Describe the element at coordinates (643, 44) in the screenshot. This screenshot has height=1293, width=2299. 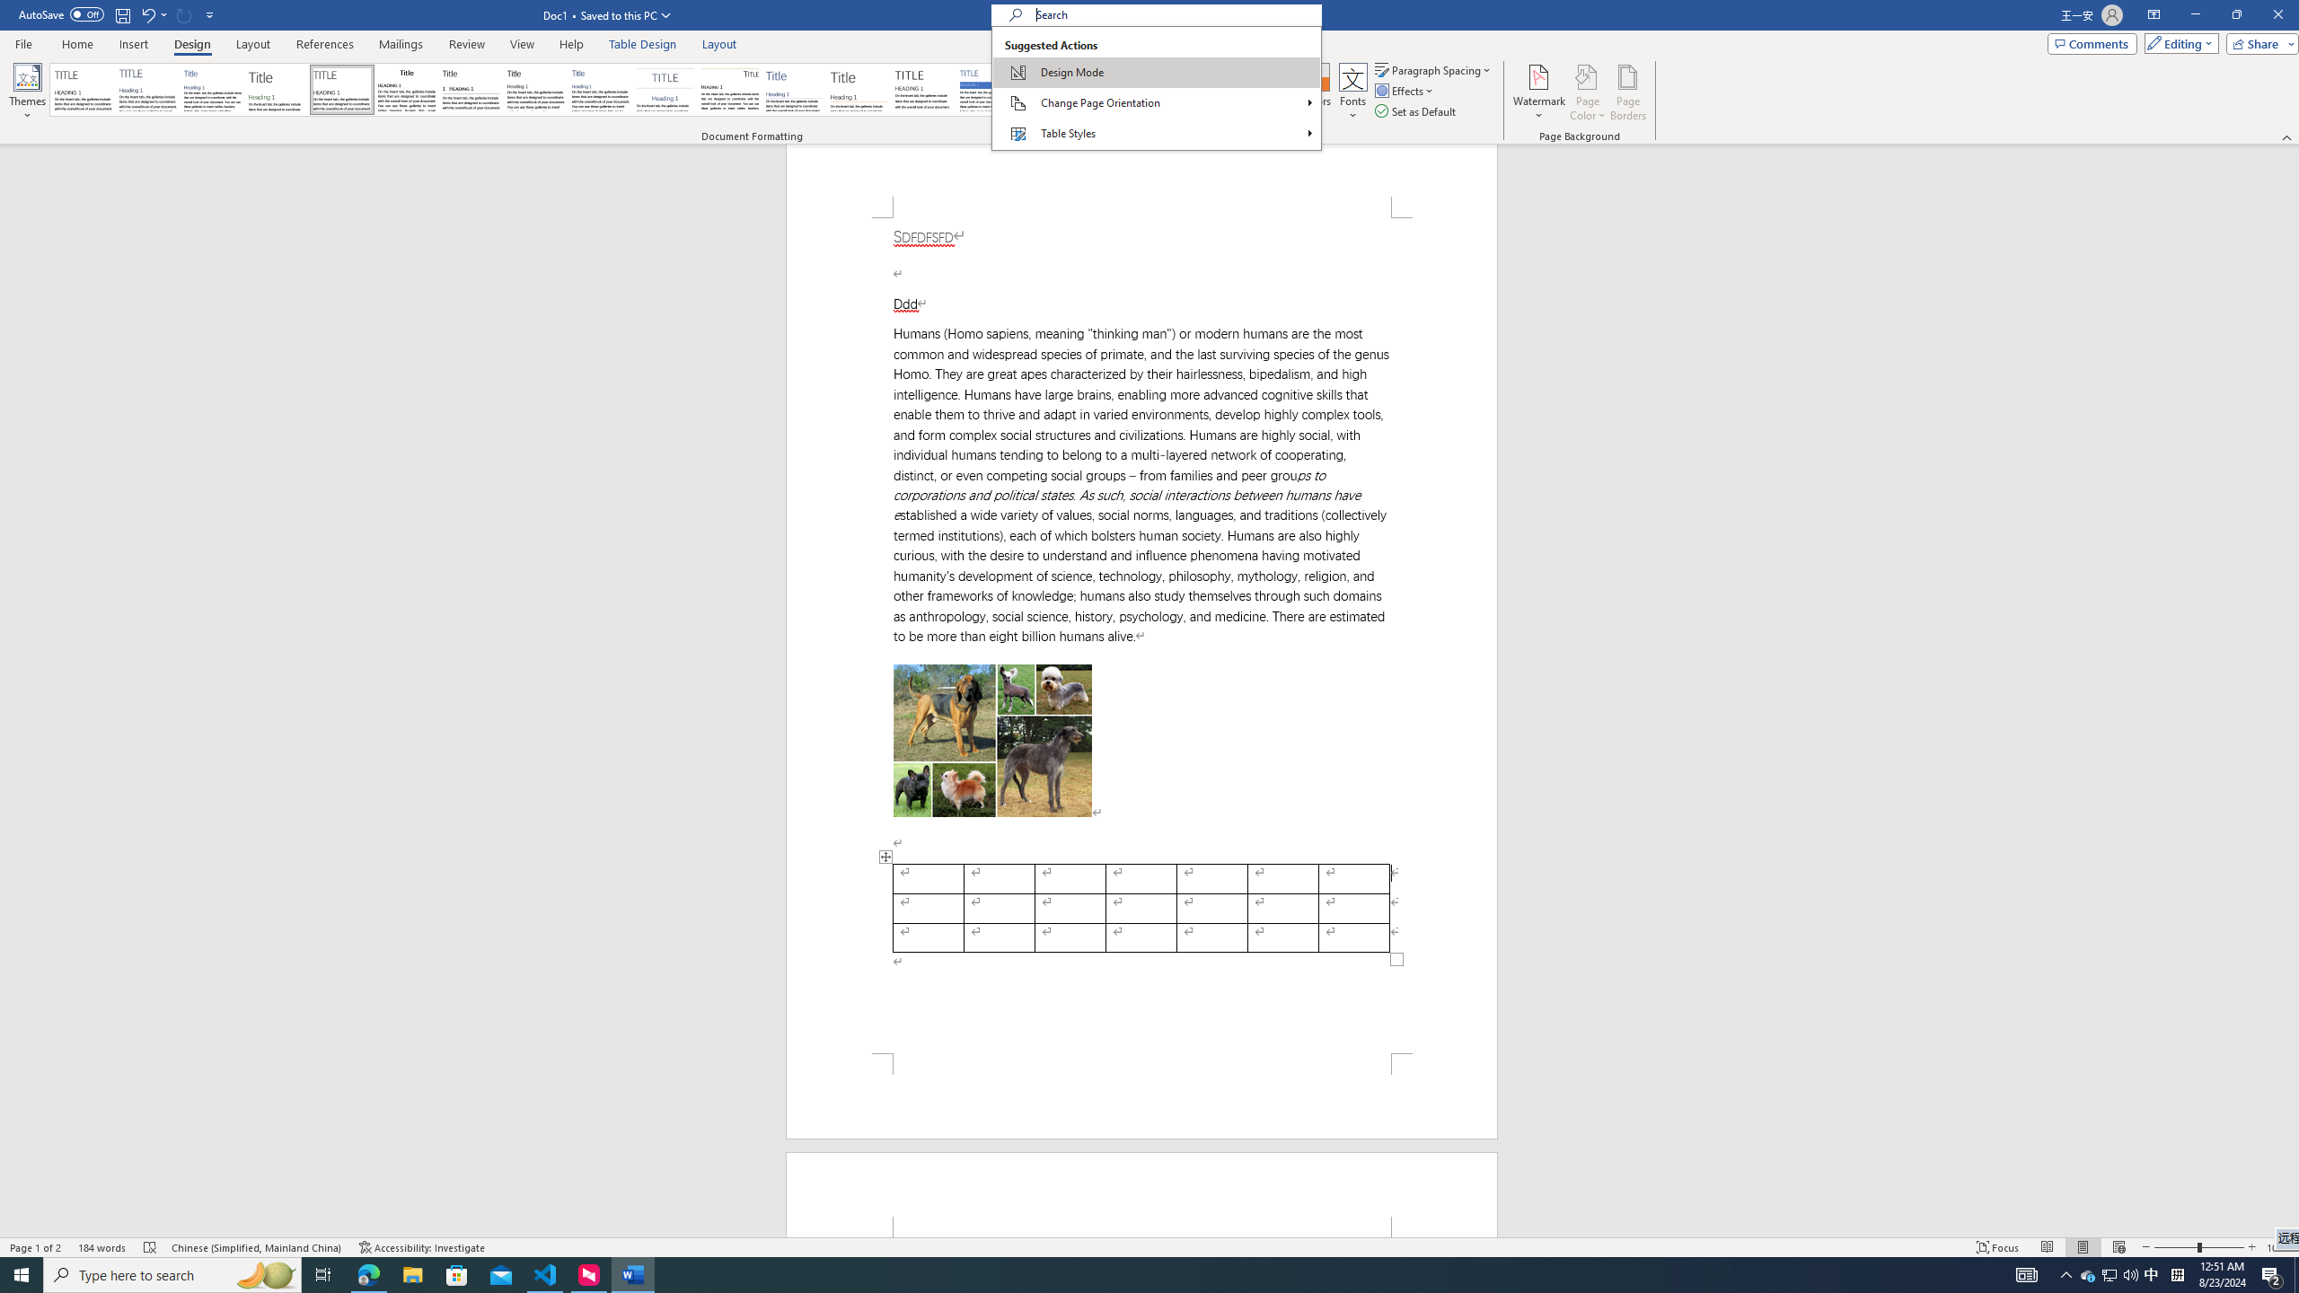
I see `'Table Design'` at that location.